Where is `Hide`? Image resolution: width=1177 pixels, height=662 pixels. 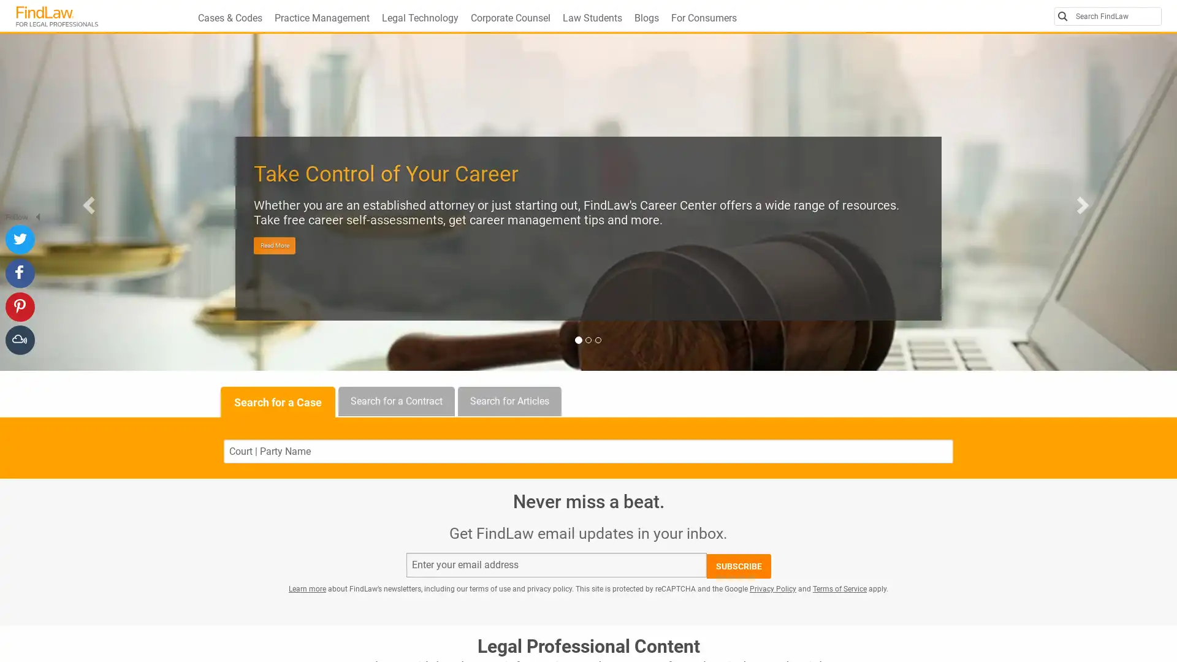
Hide is located at coordinates (38, 216).